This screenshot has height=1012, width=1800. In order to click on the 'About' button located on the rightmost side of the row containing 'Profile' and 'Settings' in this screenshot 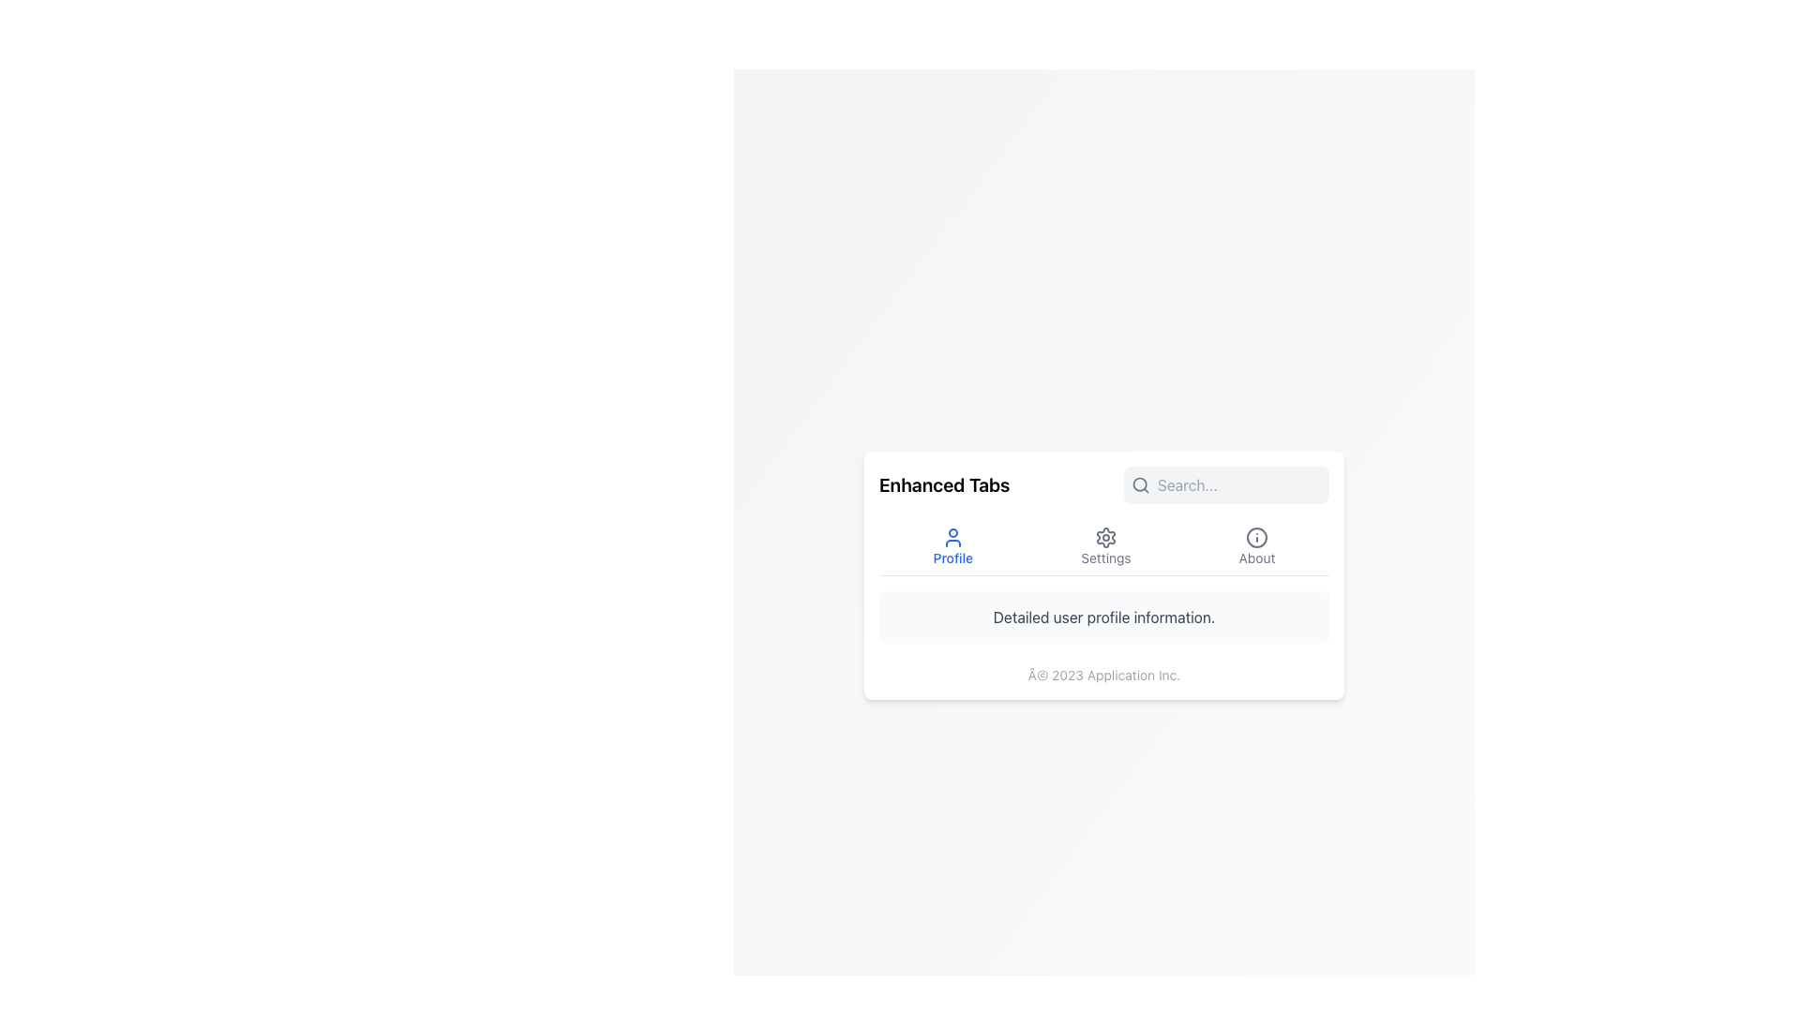, I will do `click(1257, 546)`.